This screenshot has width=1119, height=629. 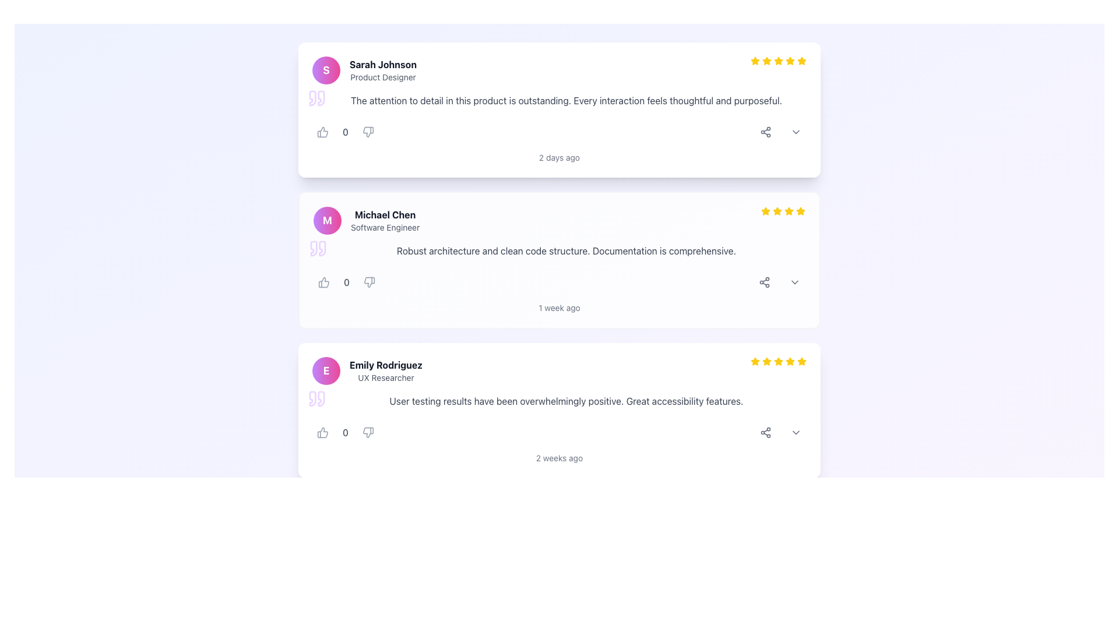 I want to click on the decorative icon styled as a purple quotation mark located at the top-left corner of the quoted text box for user feedback from Emily Rodriguez, so click(x=316, y=398).